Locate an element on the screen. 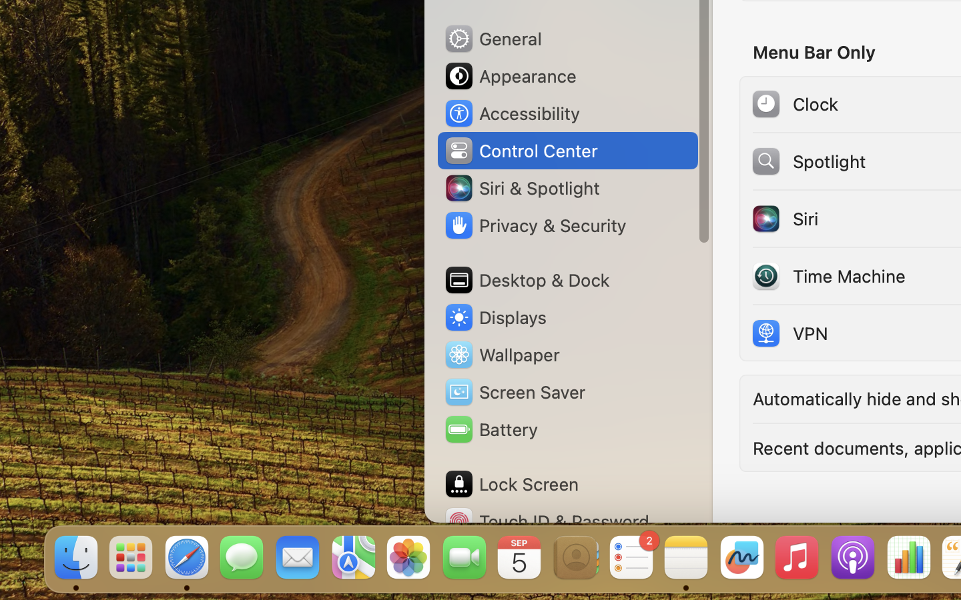 Image resolution: width=961 pixels, height=600 pixels. 'Siri & Spotlight' is located at coordinates (521, 187).